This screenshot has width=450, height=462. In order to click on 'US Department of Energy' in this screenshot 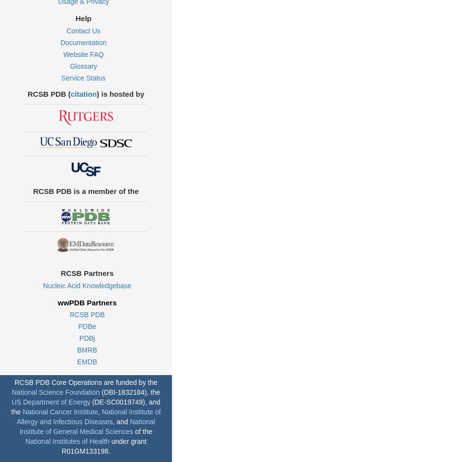, I will do `click(11, 401)`.